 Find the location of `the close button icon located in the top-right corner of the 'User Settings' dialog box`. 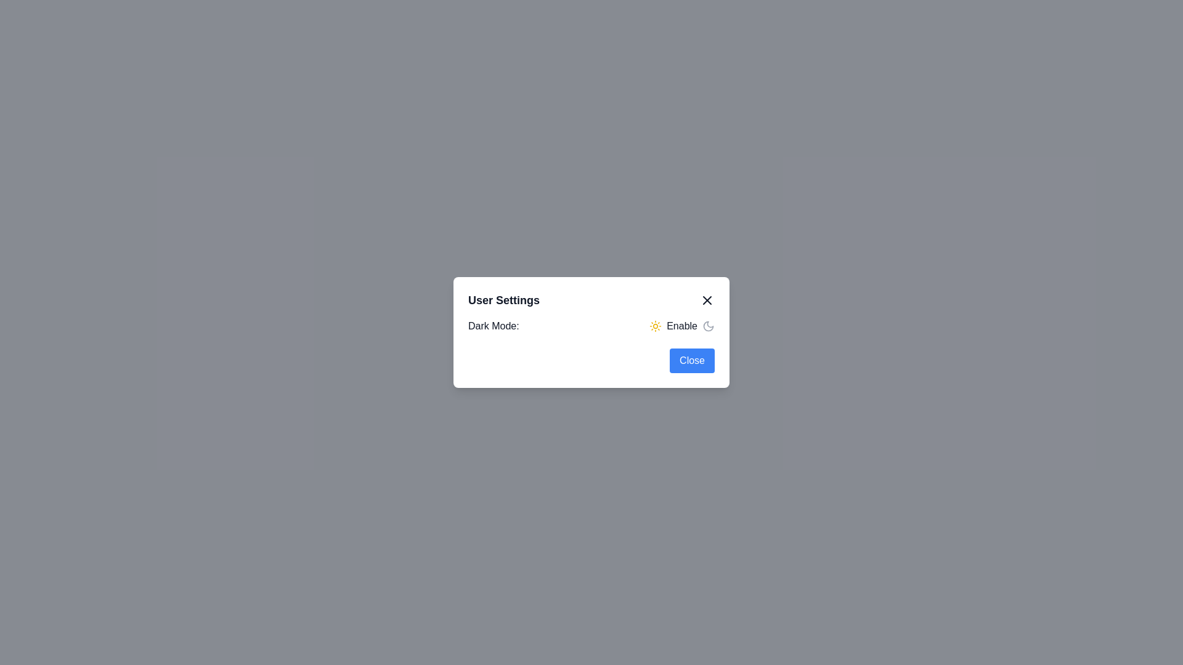

the close button icon located in the top-right corner of the 'User Settings' dialog box is located at coordinates (707, 300).